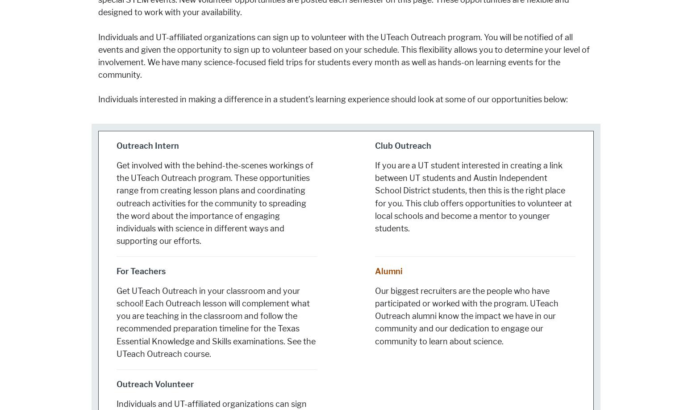 This screenshot has width=692, height=410. I want to click on 'For Teachers', so click(141, 271).